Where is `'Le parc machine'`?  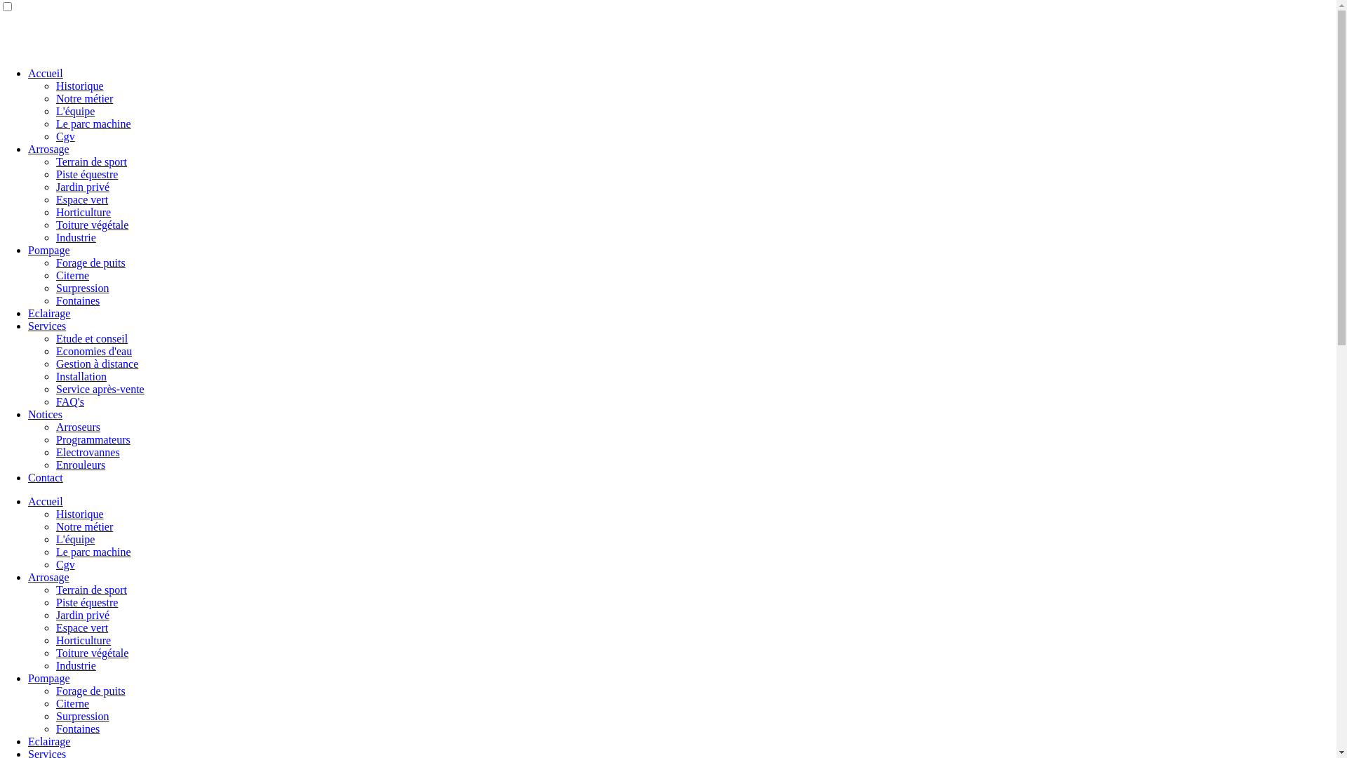 'Le parc machine' is located at coordinates (93, 551).